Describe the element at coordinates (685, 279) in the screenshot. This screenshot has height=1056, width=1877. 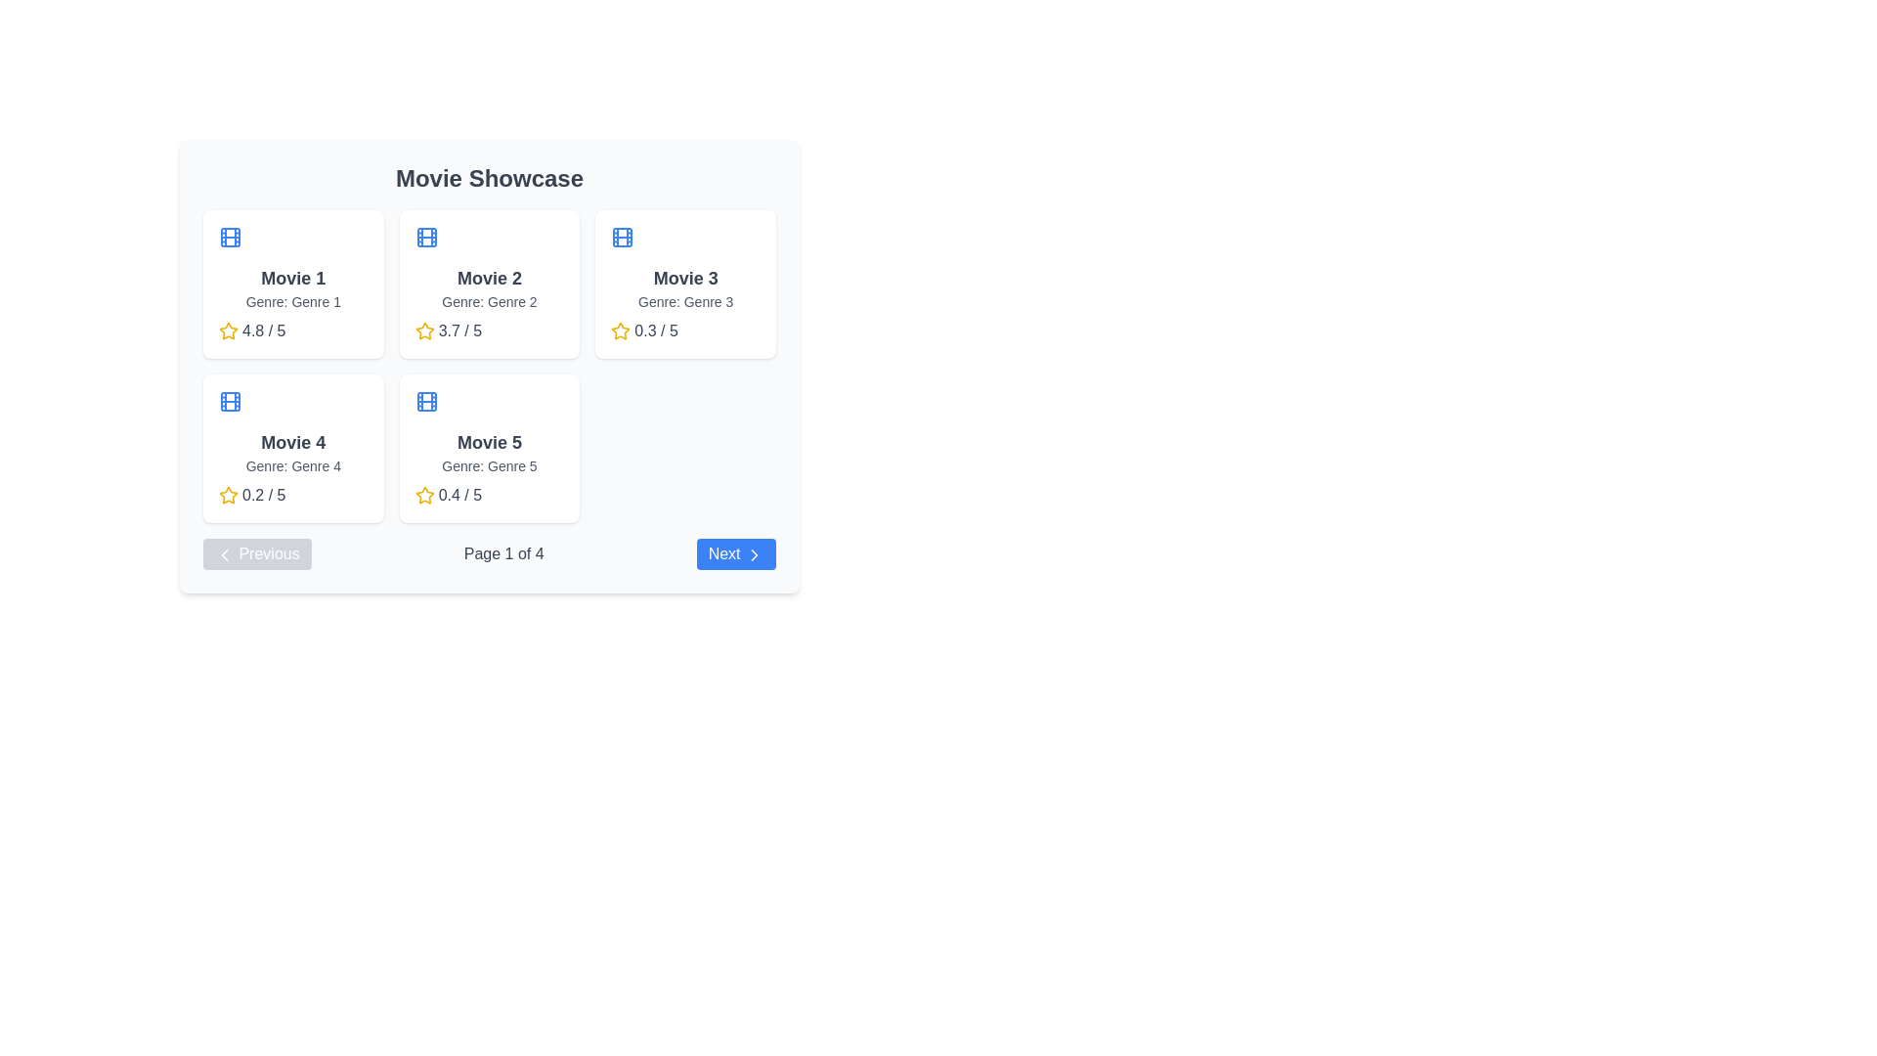
I see `the bold text label displaying 'Movie 3', which is located in the second row, first column of the grid layout, above the genre and rating text` at that location.